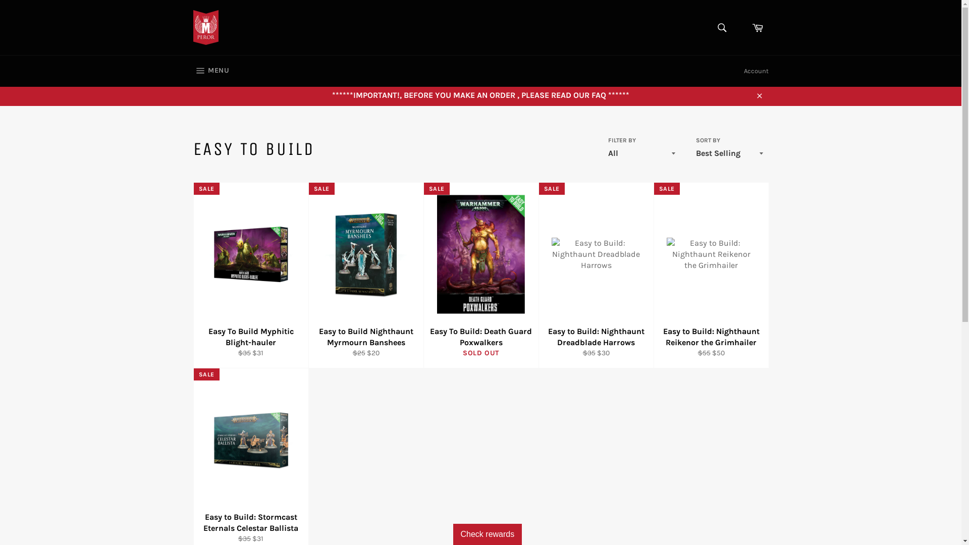  I want to click on 'Search', so click(721, 27).